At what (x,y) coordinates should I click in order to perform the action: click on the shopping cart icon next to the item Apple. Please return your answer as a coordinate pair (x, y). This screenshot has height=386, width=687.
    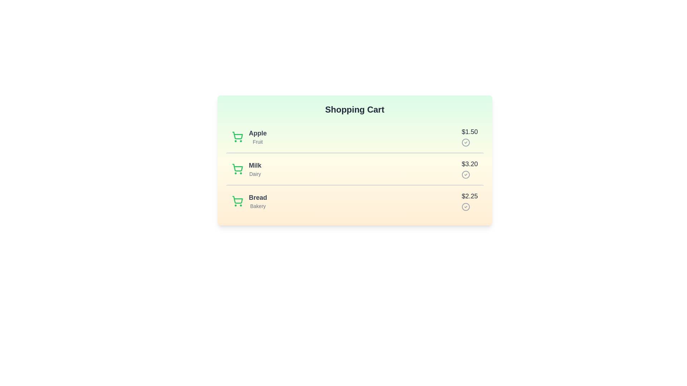
    Looking at the image, I should click on (237, 137).